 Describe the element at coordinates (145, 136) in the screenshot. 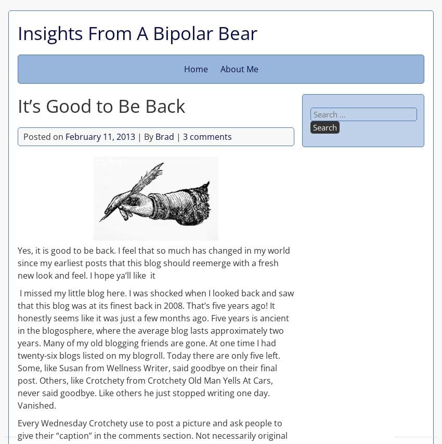

I see `'| 
	By'` at that location.